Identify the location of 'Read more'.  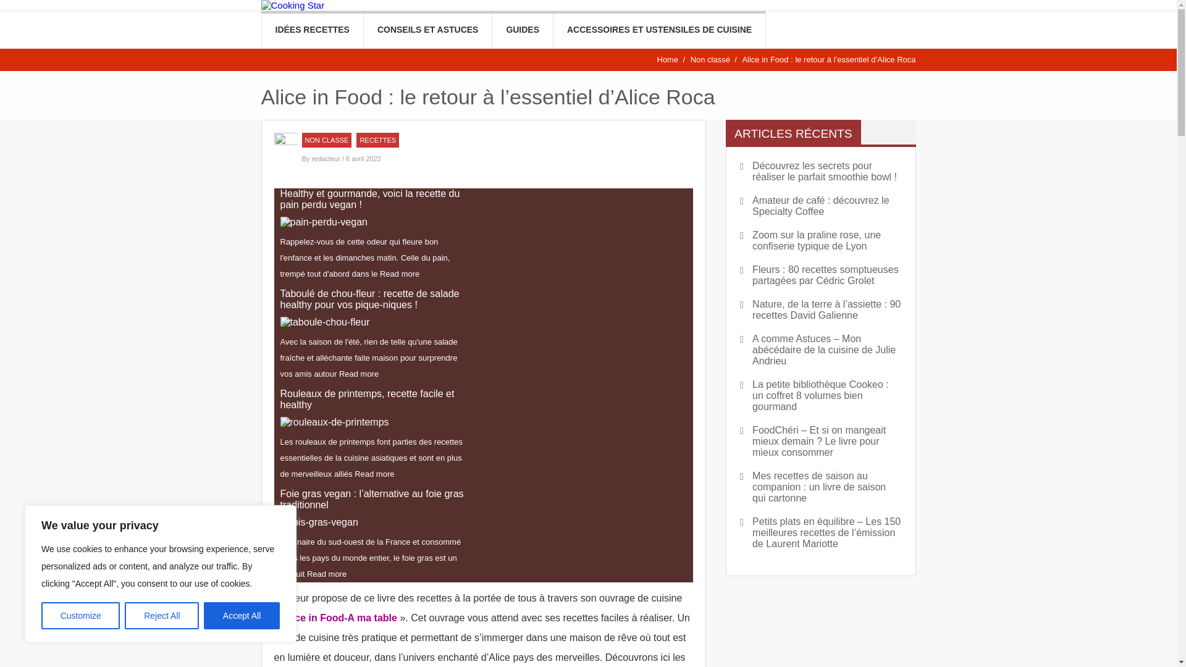
(373, 473).